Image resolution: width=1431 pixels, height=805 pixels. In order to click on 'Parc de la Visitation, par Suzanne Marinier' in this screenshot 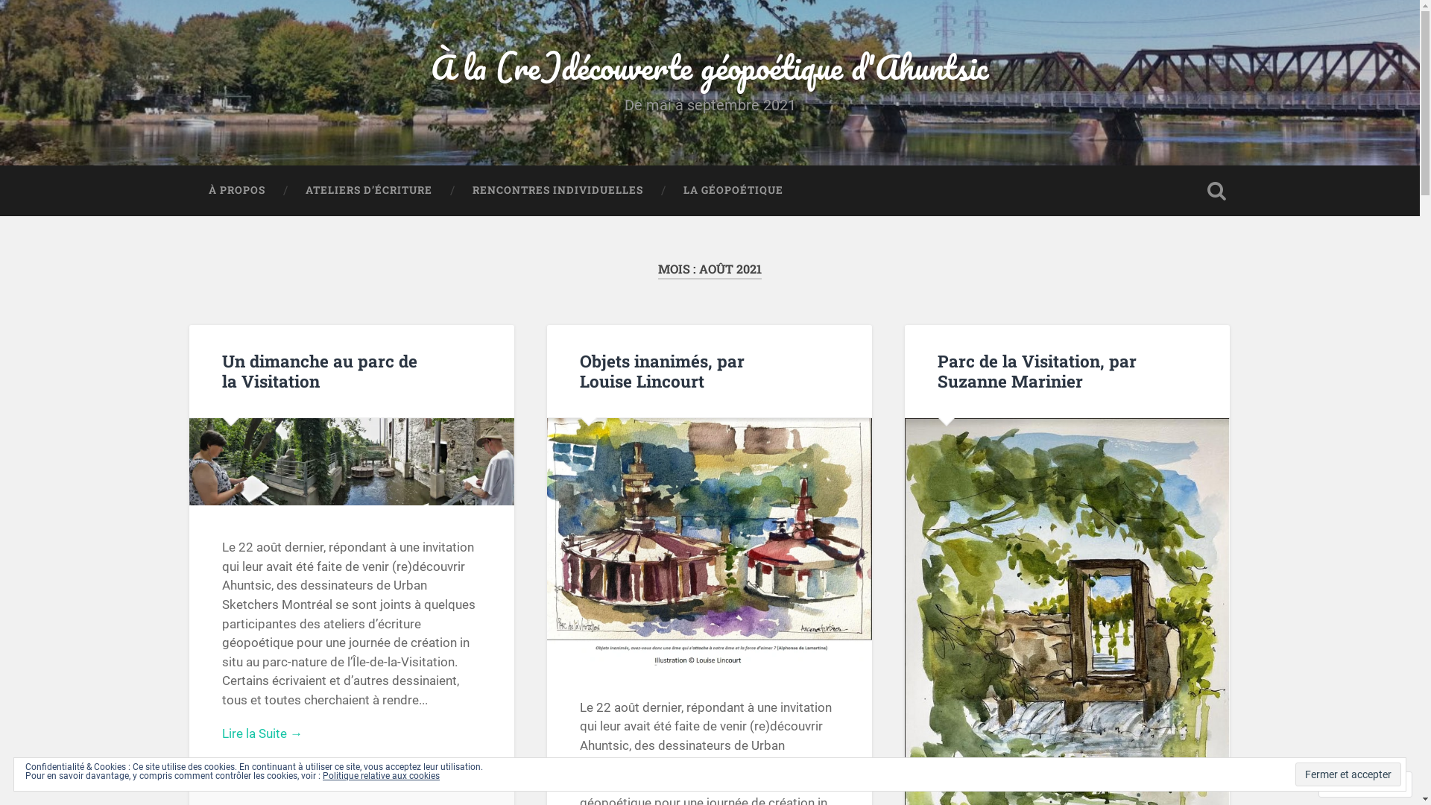, I will do `click(1036, 370)`.